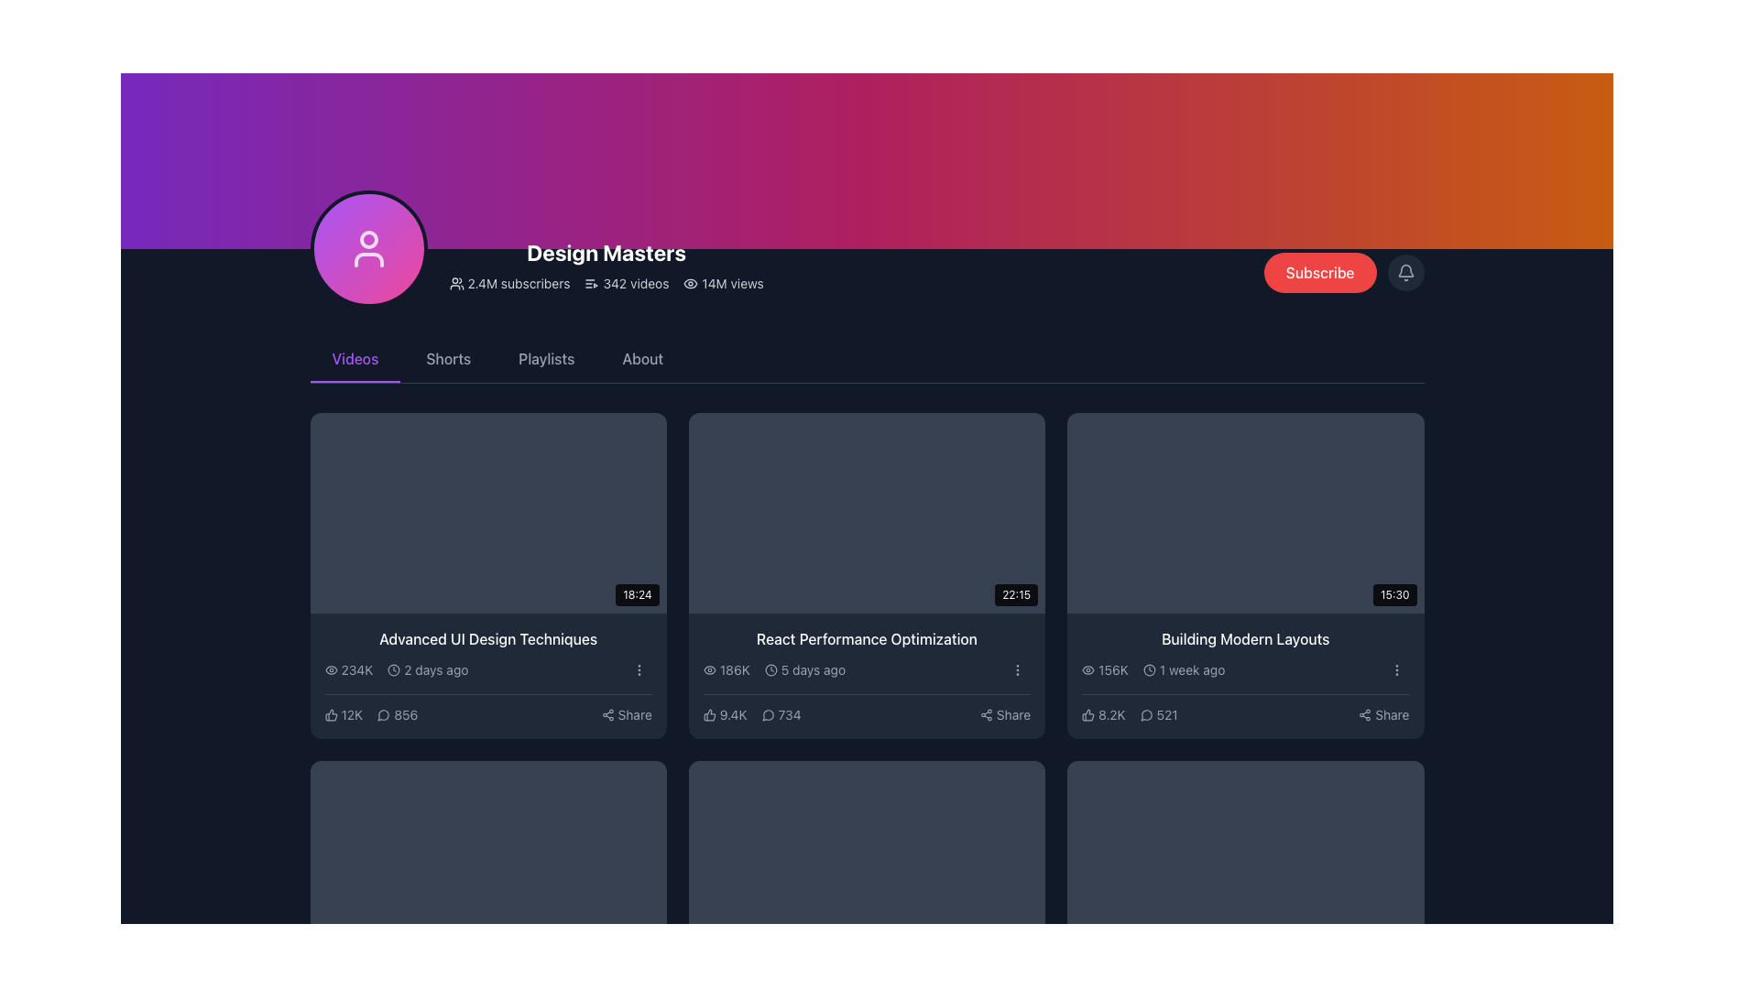 Image resolution: width=1759 pixels, height=989 pixels. I want to click on the thumbs-up icon, which is a small vector graphic outlined in thin strokes, located next to the text '12K' at the bottom of the card for the video 'Advanced UI Design Techniques', so click(331, 713).